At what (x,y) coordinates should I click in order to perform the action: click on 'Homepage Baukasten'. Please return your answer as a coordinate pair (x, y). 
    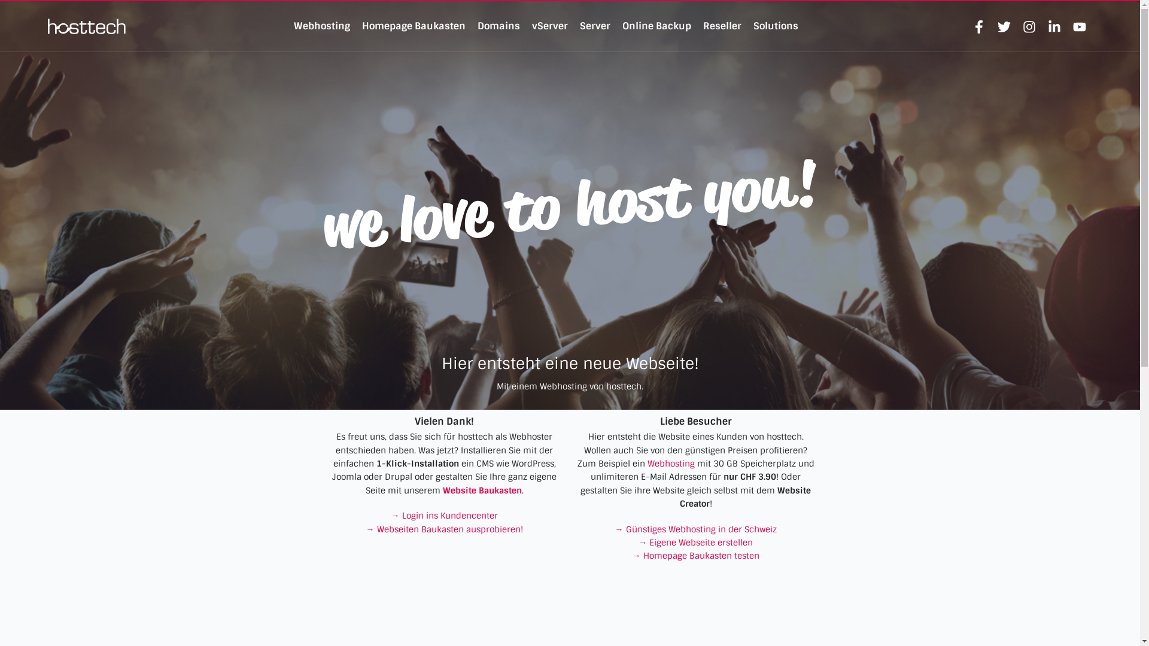
    Looking at the image, I should click on (414, 26).